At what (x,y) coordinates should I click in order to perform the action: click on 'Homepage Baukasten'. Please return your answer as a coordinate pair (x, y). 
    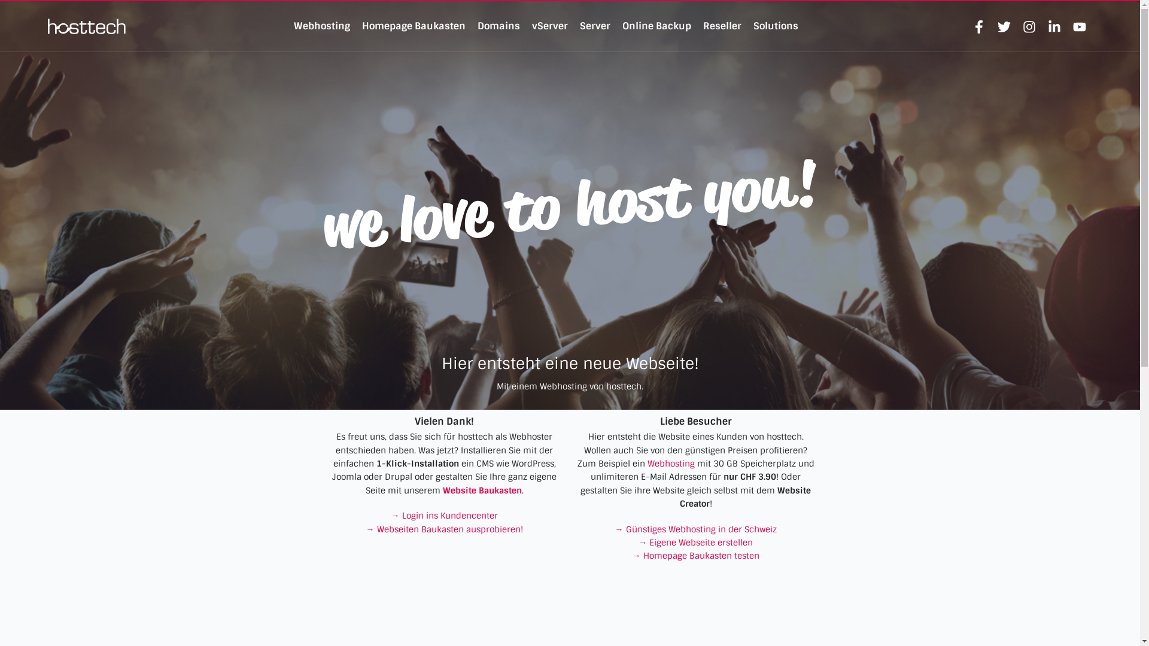
    Looking at the image, I should click on (414, 26).